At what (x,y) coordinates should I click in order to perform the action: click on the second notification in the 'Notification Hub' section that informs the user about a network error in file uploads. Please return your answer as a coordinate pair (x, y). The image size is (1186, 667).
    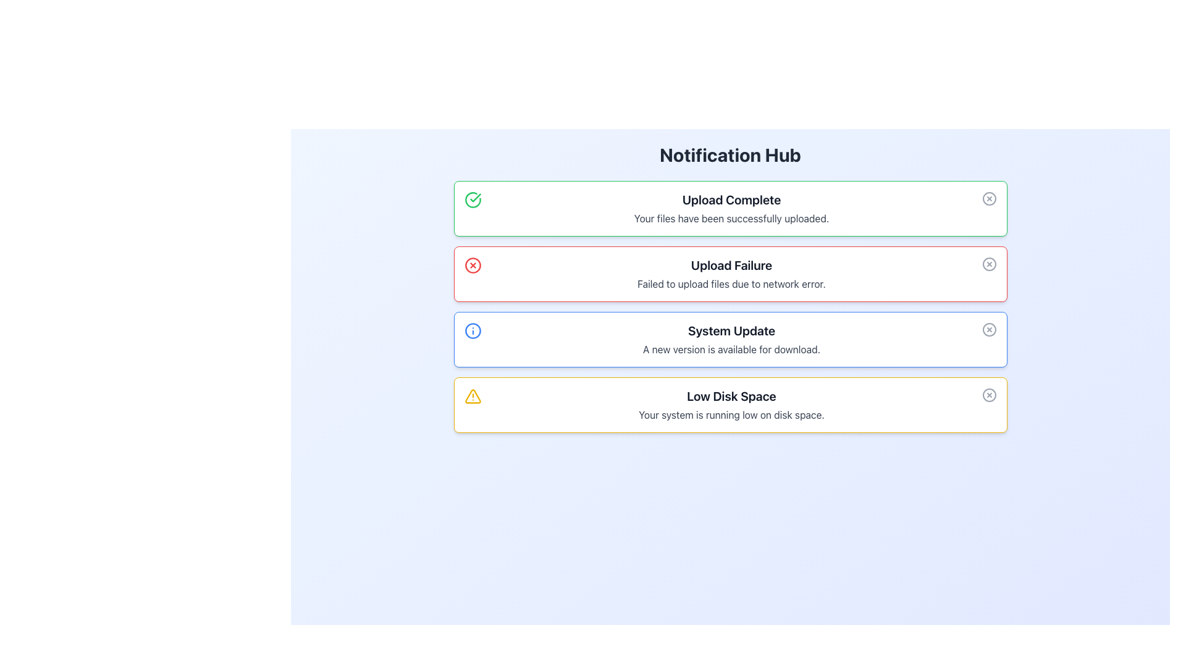
    Looking at the image, I should click on (731, 273).